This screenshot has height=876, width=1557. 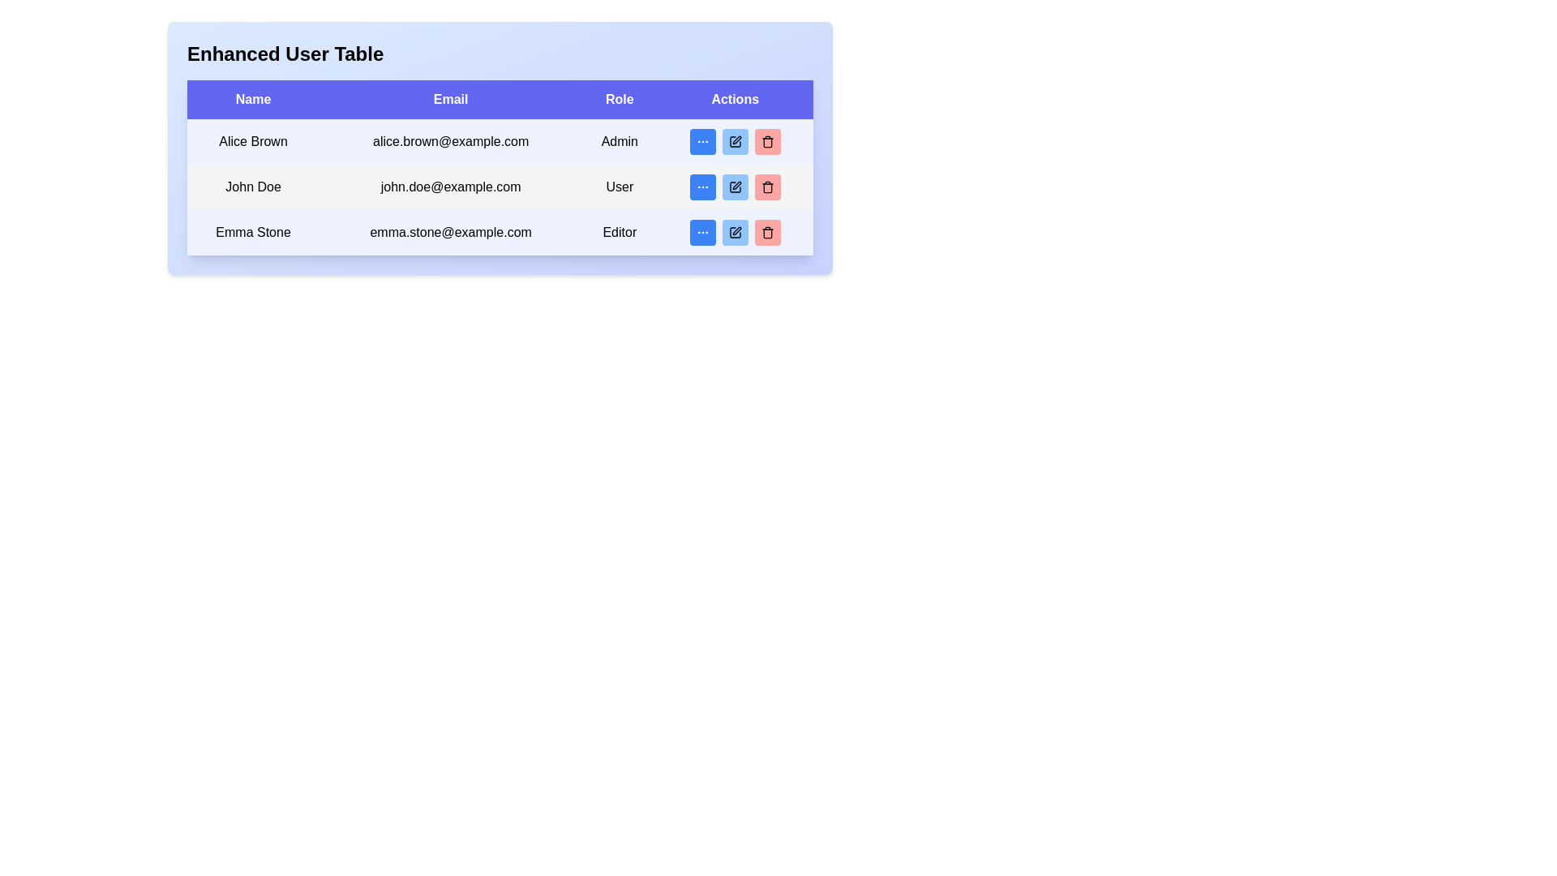 I want to click on the button, so click(x=734, y=187).